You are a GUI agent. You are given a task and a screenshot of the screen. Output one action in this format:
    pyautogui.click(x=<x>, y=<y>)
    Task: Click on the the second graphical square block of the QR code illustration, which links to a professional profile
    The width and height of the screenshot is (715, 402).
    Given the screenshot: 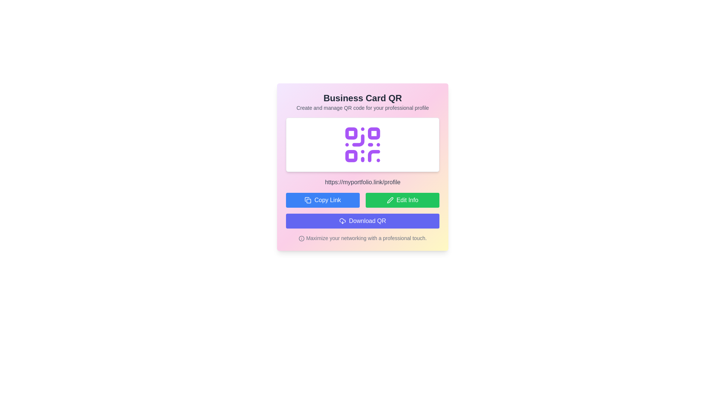 What is the action you would take?
    pyautogui.click(x=374, y=133)
    